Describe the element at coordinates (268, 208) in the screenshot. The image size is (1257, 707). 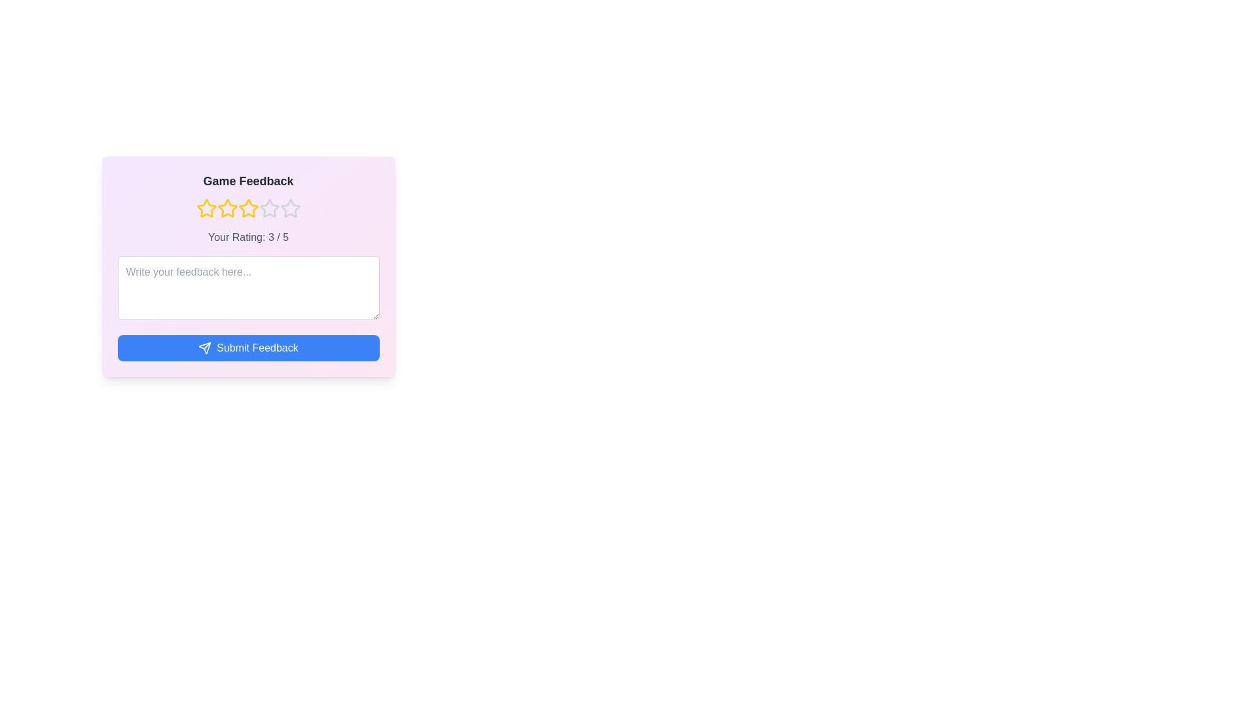
I see `the rating to 4 stars by clicking on the corresponding star` at that location.